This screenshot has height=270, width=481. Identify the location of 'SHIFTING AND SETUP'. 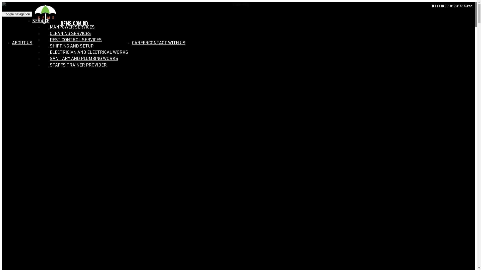
(69, 46).